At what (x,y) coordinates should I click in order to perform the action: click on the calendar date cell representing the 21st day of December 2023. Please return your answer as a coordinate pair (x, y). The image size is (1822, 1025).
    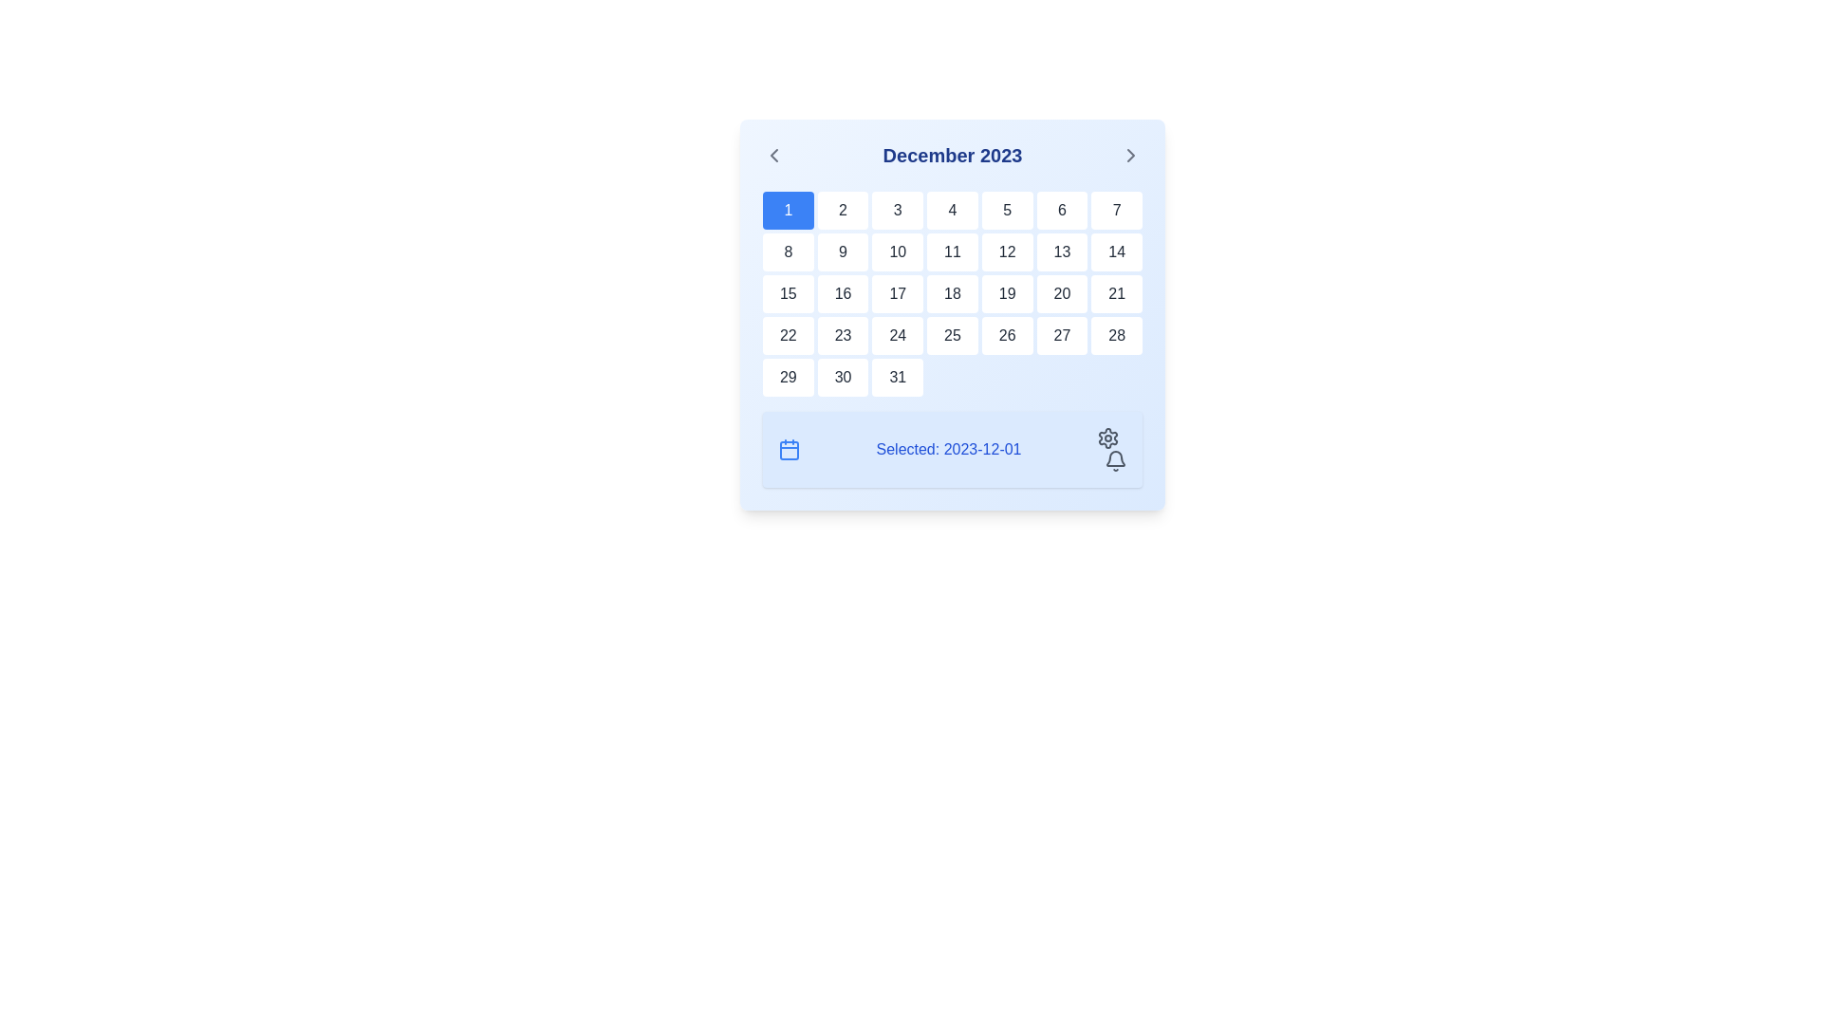
    Looking at the image, I should click on (1117, 293).